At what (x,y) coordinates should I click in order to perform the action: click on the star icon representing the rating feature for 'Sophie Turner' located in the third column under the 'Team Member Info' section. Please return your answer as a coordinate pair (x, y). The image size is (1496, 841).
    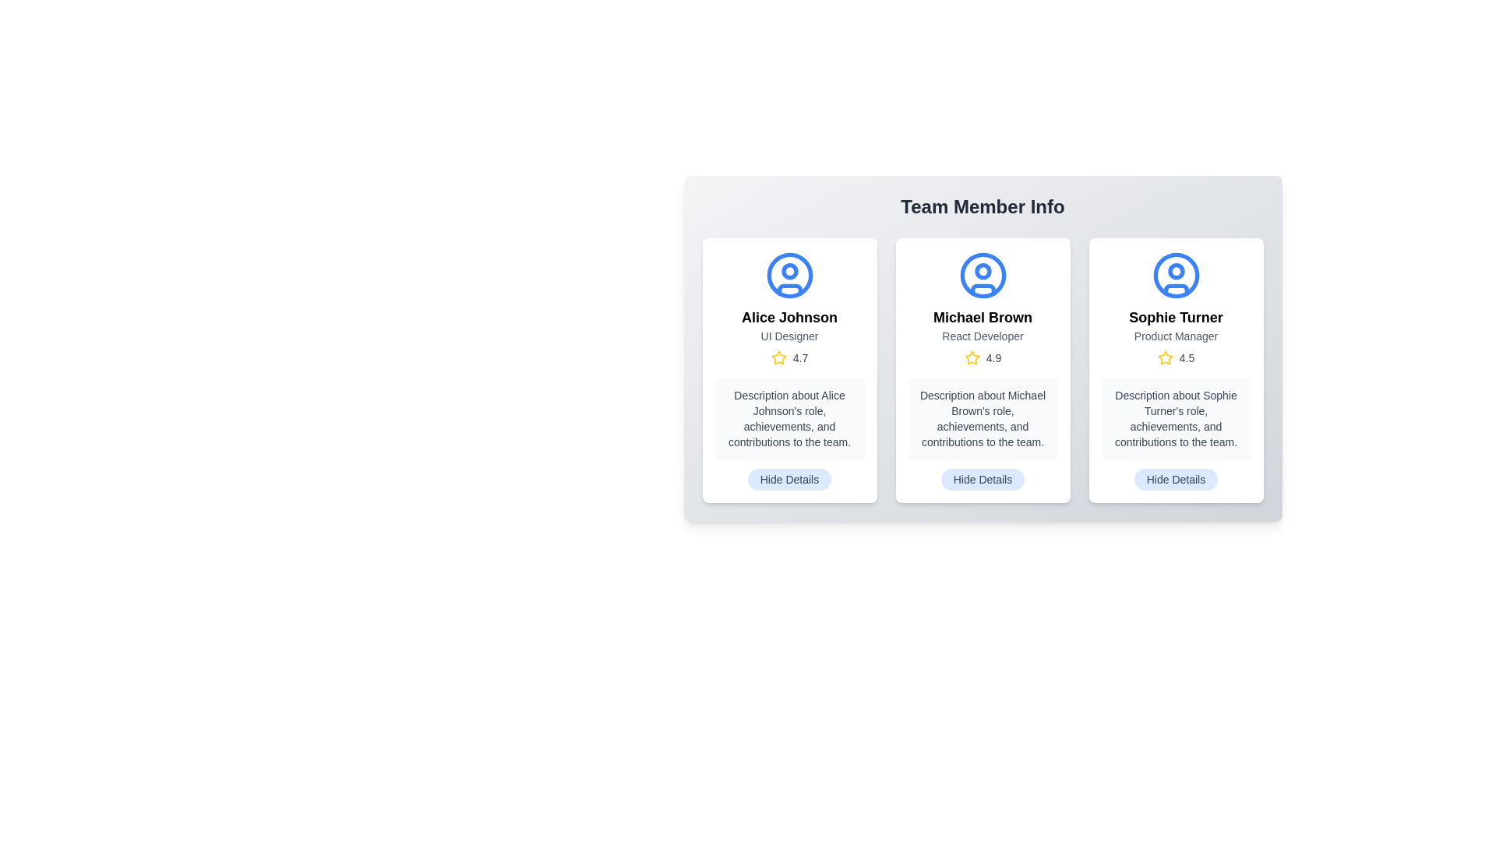
    Looking at the image, I should click on (1165, 357).